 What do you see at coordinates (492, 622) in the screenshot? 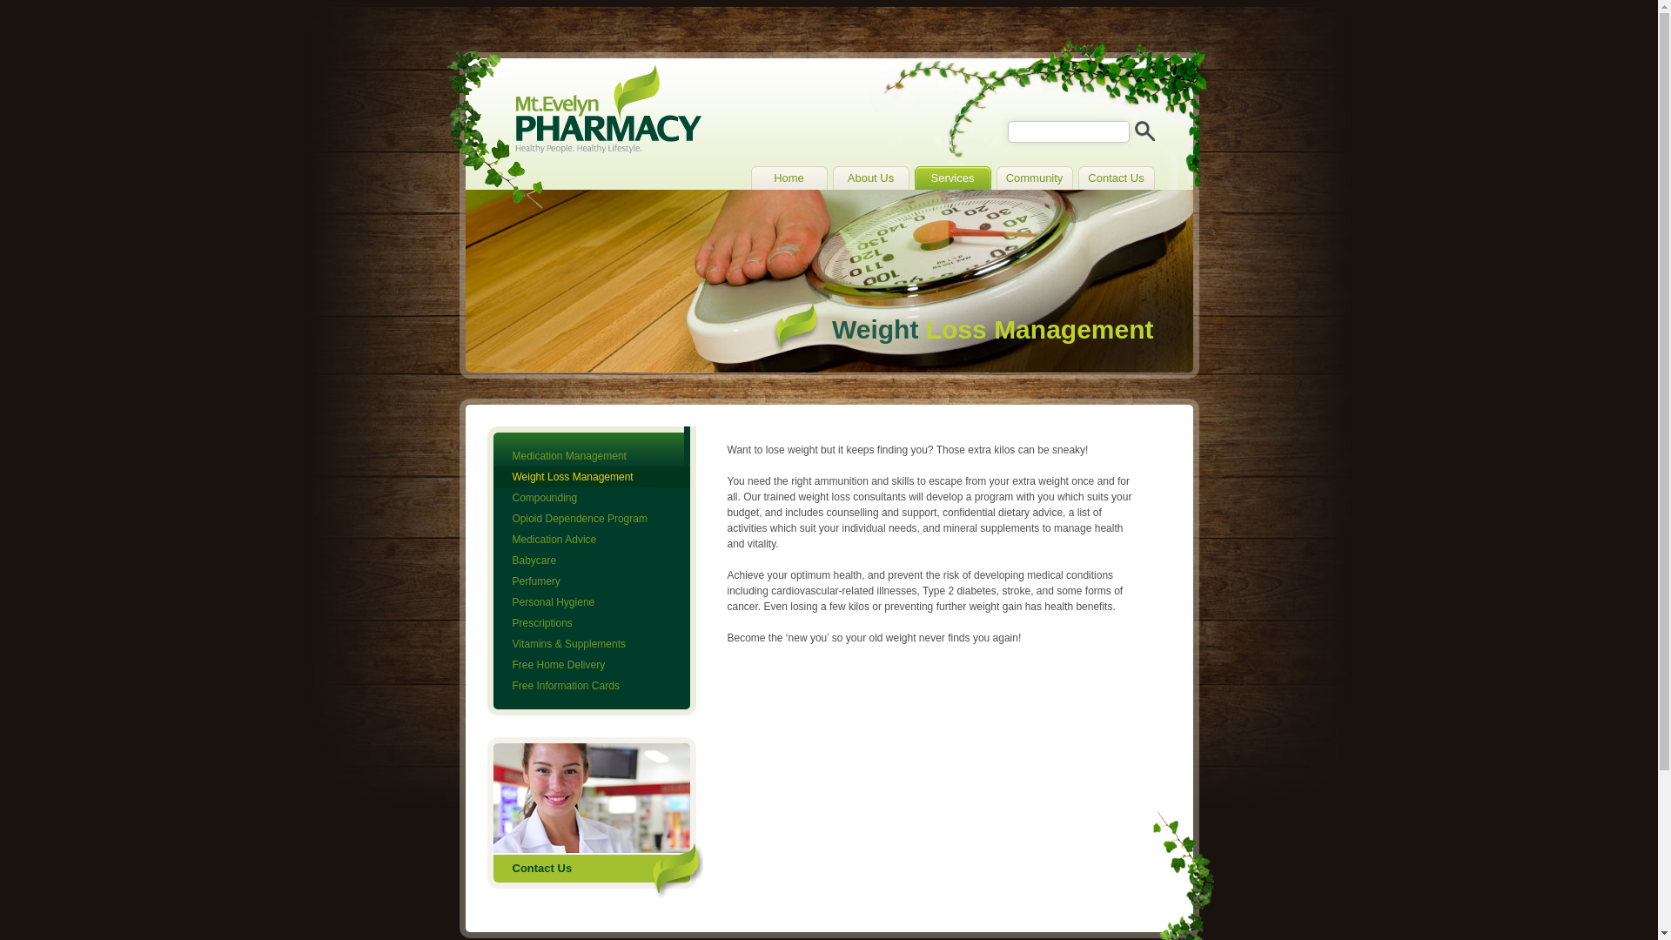
I see `'Prescriptions'` at bounding box center [492, 622].